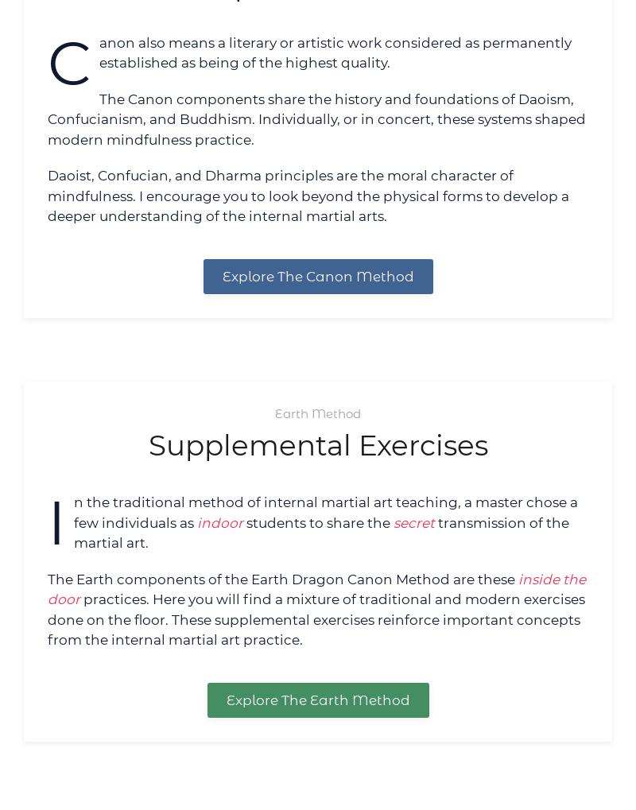 Image resolution: width=636 pixels, height=810 pixels. What do you see at coordinates (222, 275) in the screenshot?
I see `'Explore The Canon Method'` at bounding box center [222, 275].